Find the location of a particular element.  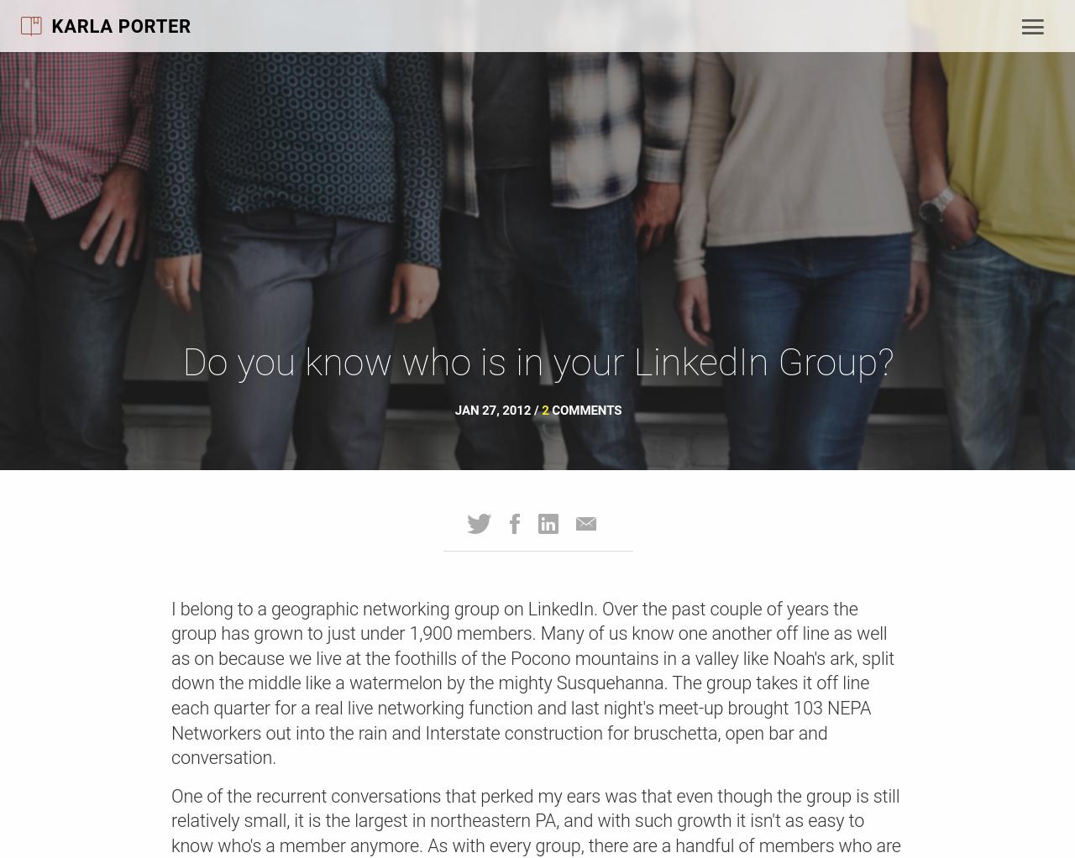

'I belong to a geographic networking group on LinkedIn. Over the past couple of years the group has grown to just under 1,900 members. Many of us know one another off line as well as on because we live at the foothills of the Pocono mountains in a valley like Noah's ark, split down the middle like a watermelon by the mighty Susquehanna. The group takes it off line each quarter for a real live networking function and last night's meet-up brought 103 NEPA Networkers out into the rain and Interstate construction for bruschetta, open bar and conversation.' is located at coordinates (170, 682).